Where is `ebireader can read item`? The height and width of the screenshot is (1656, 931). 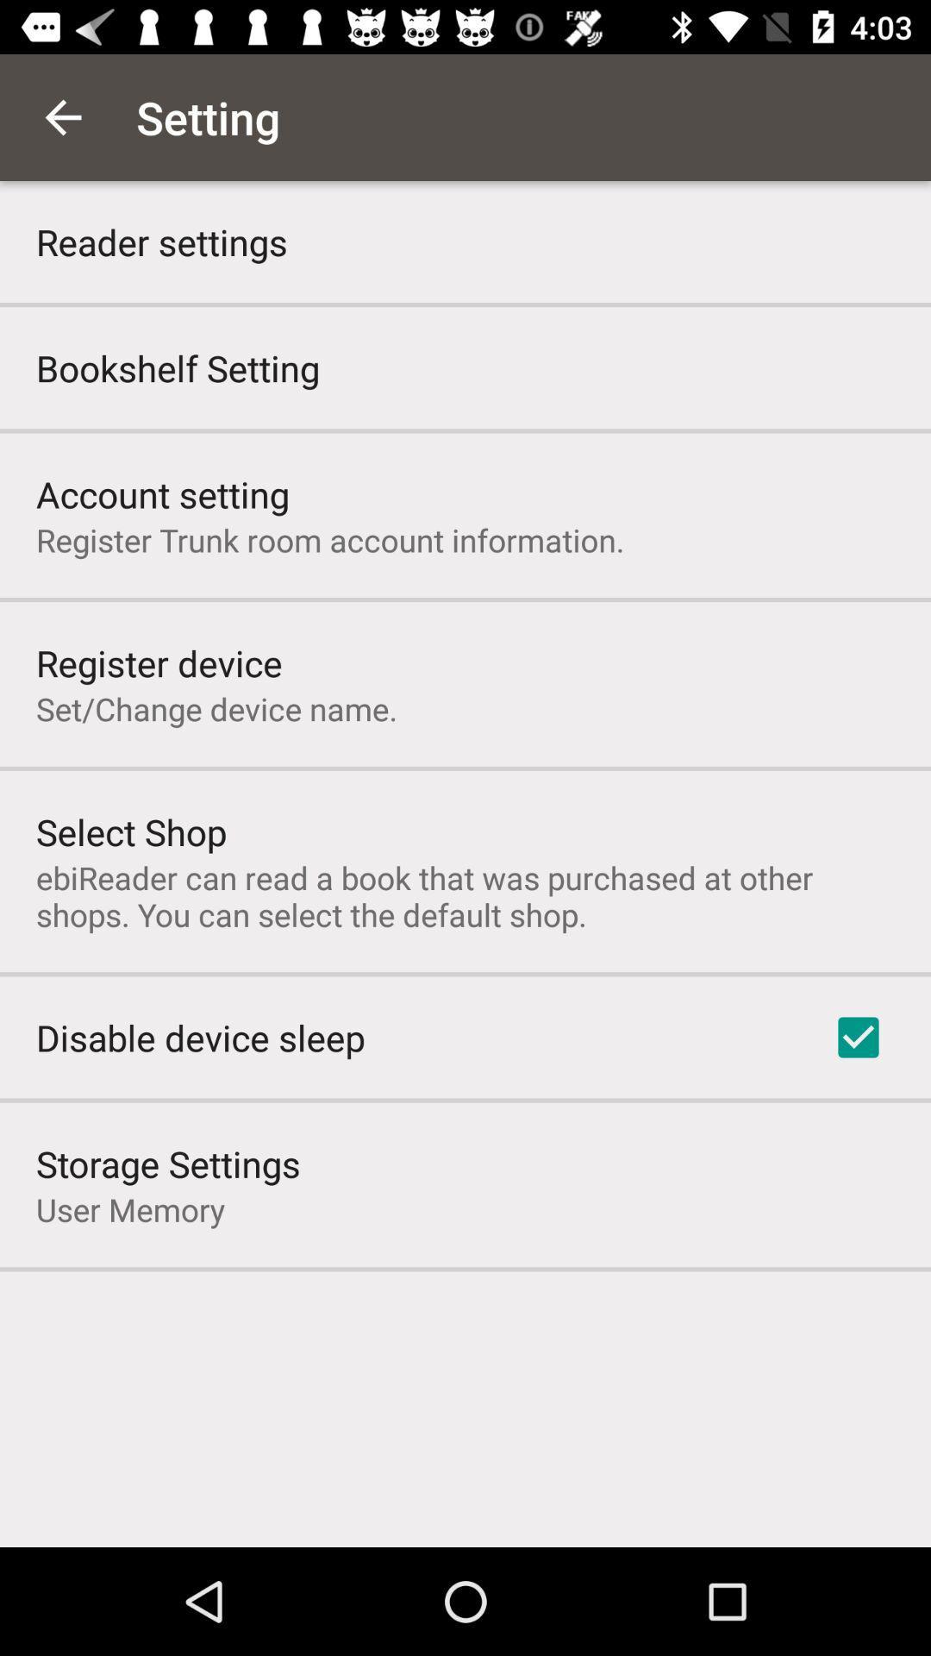
ebireader can read item is located at coordinates (465, 896).